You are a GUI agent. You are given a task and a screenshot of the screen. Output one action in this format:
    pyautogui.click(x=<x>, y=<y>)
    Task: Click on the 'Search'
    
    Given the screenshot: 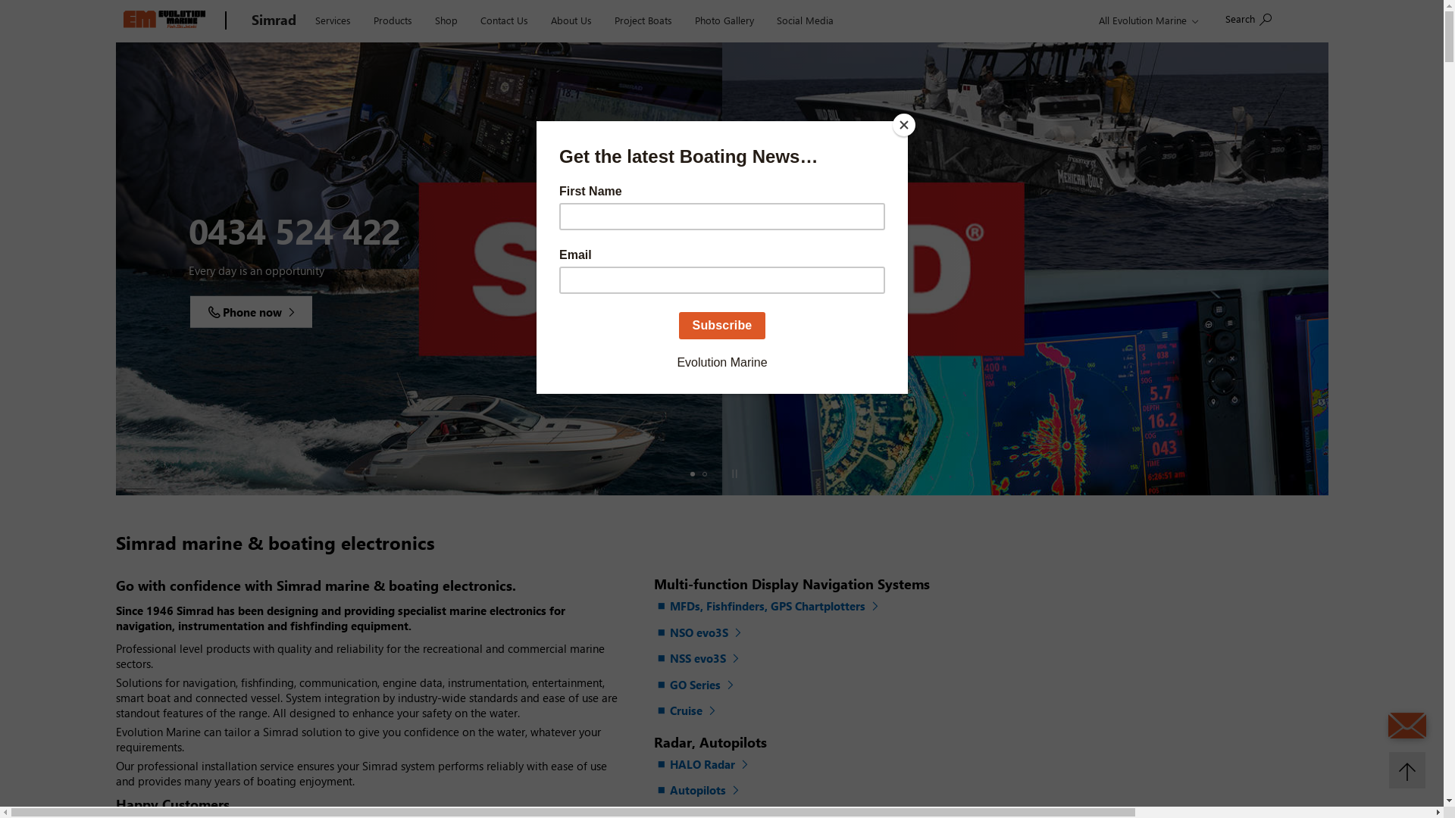 What is the action you would take?
    pyautogui.click(x=1248, y=18)
    